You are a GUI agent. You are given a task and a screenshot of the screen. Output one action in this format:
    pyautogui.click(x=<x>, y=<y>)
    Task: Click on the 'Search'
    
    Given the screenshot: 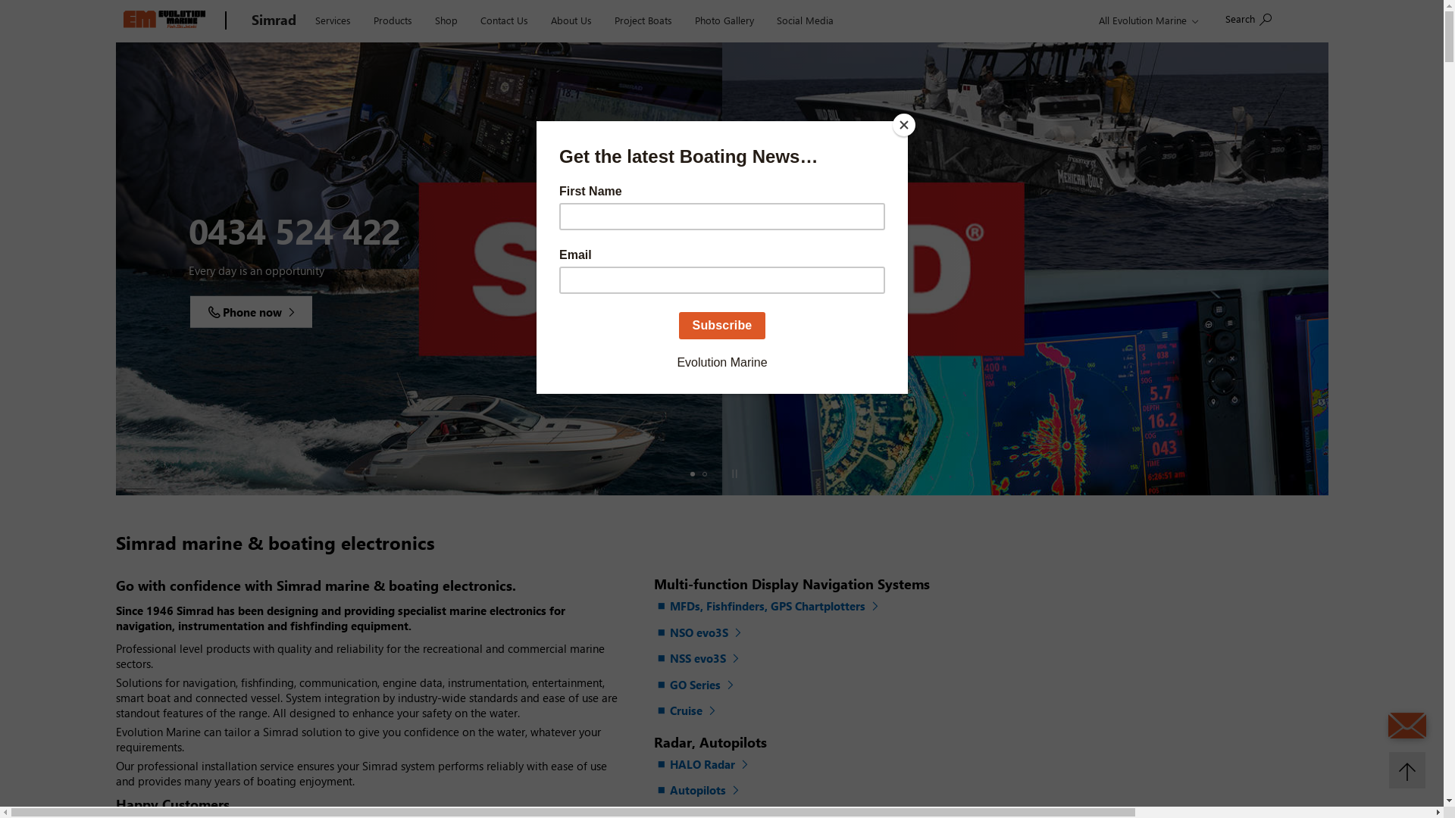 What is the action you would take?
    pyautogui.click(x=1248, y=18)
    